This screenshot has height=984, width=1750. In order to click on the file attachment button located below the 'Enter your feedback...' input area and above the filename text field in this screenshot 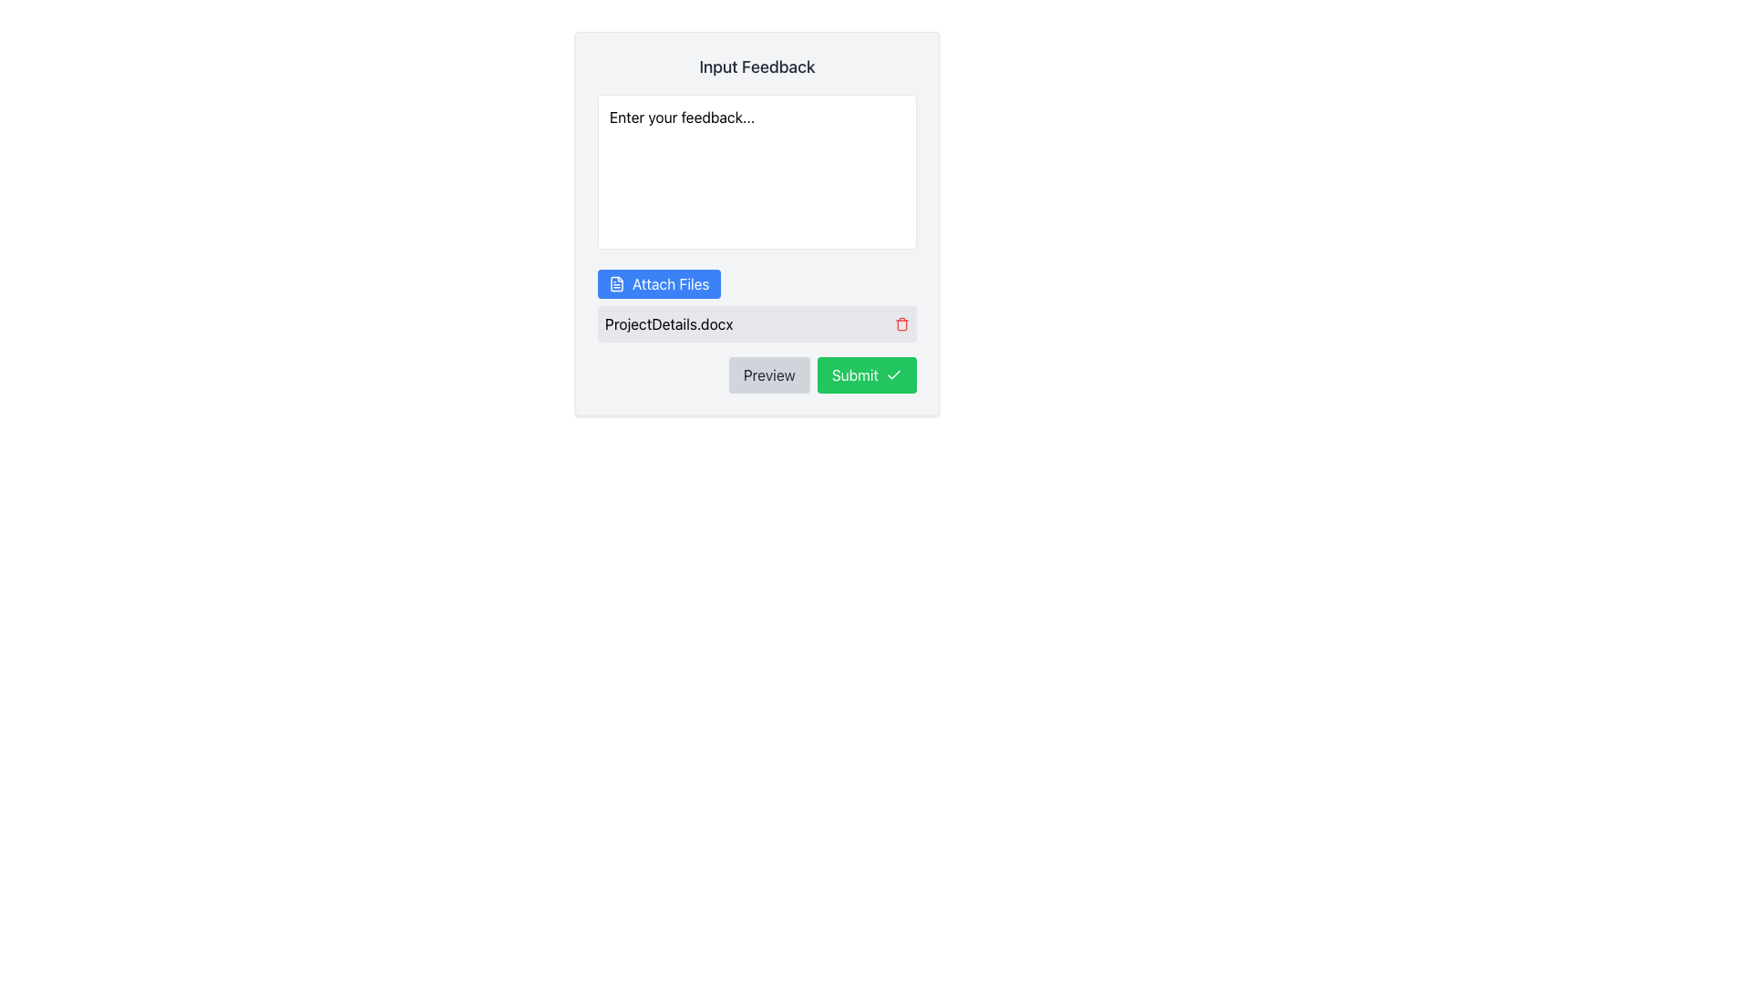, I will do `click(658, 284)`.